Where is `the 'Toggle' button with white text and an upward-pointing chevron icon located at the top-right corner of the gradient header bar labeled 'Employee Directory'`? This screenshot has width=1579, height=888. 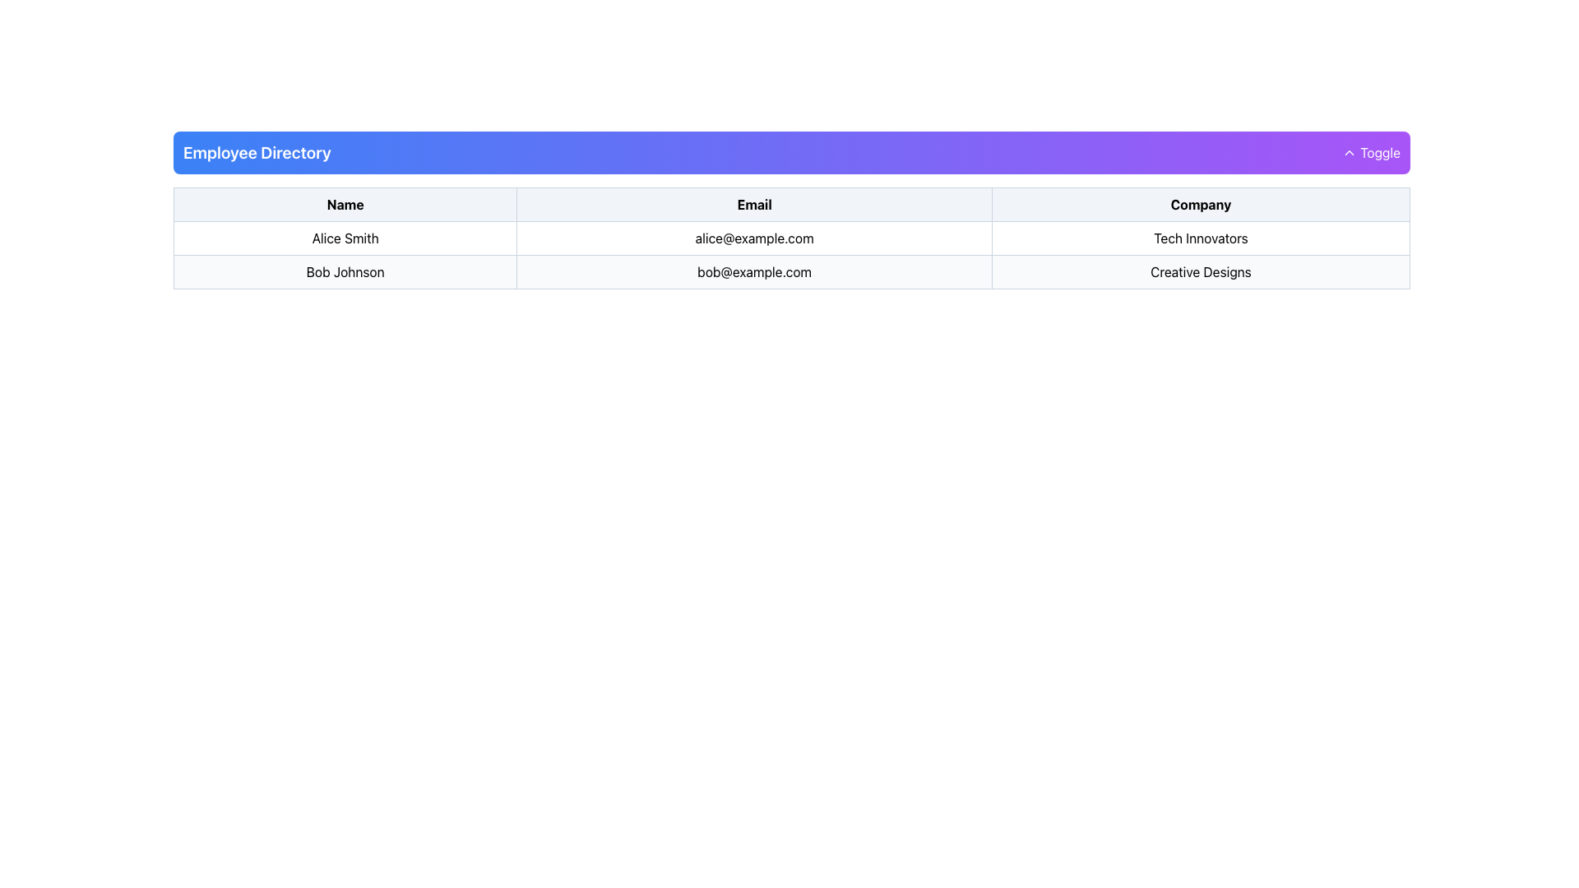 the 'Toggle' button with white text and an upward-pointing chevron icon located at the top-right corner of the gradient header bar labeled 'Employee Directory' is located at coordinates (1371, 152).